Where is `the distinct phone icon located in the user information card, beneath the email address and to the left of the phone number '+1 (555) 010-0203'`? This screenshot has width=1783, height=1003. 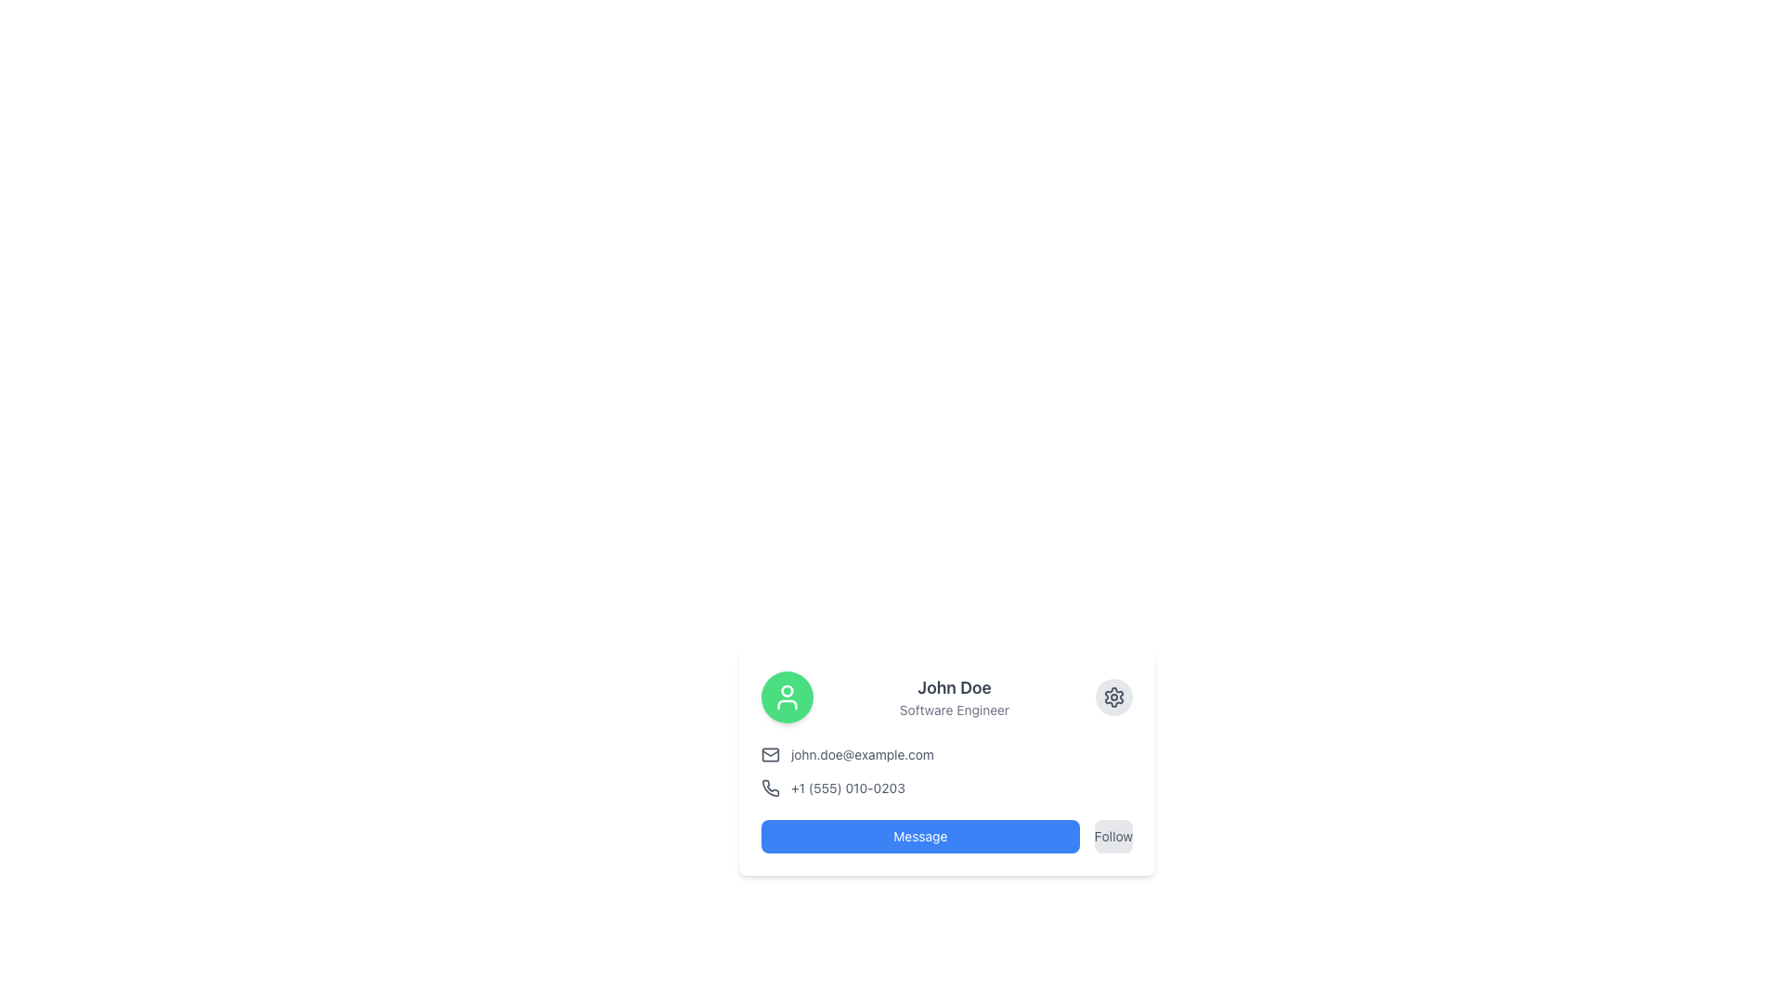 the distinct phone icon located in the user information card, beneath the email address and to the left of the phone number '+1 (555) 010-0203' is located at coordinates (771, 788).